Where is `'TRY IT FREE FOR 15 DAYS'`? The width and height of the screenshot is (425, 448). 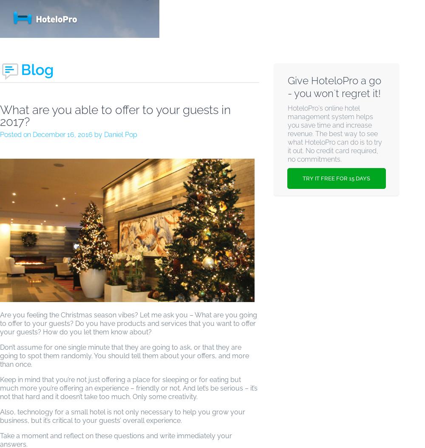
'TRY IT FREE FOR 15 DAYS' is located at coordinates (336, 178).